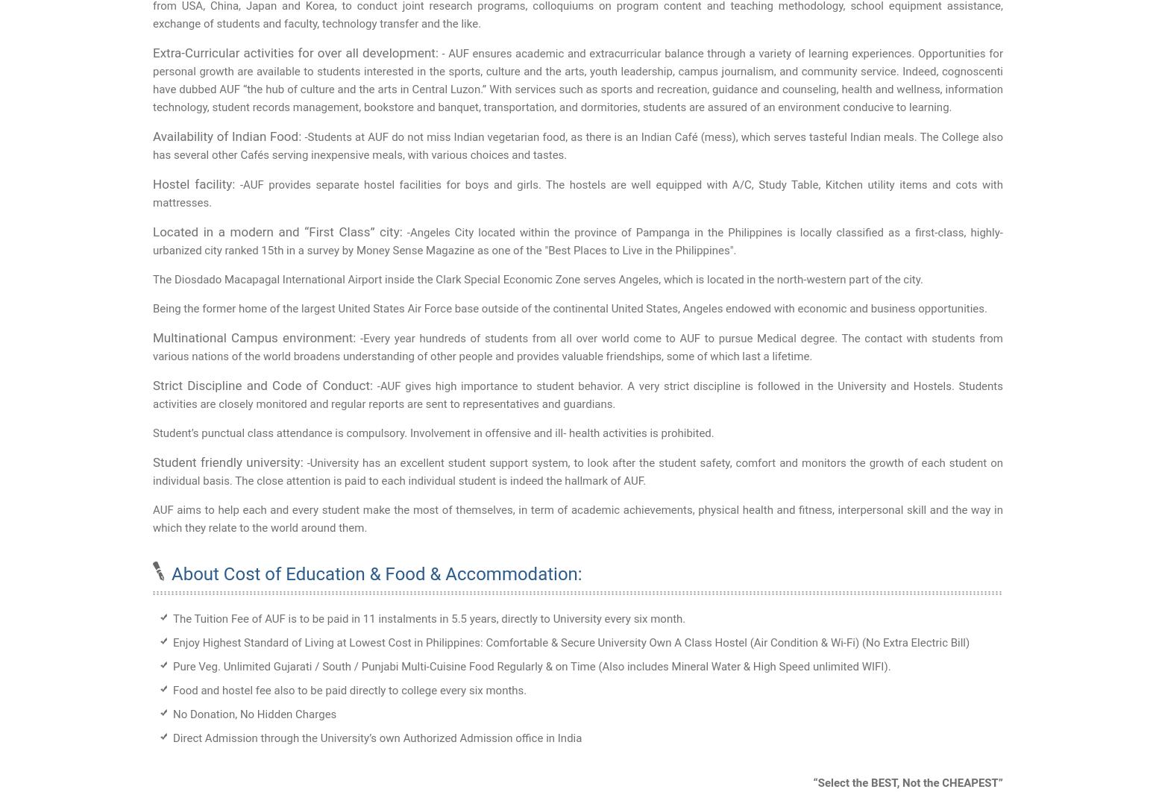 Image resolution: width=1156 pixels, height=792 pixels. I want to click on 'No Donation, No Hidden Charges', so click(172, 714).